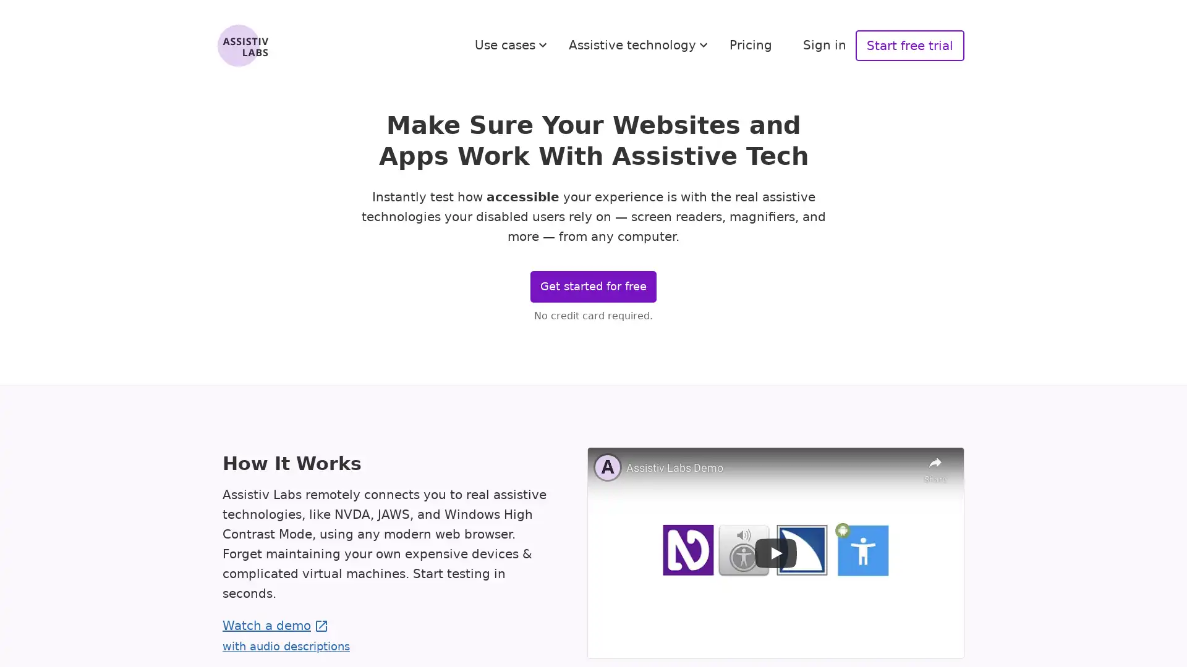 The width and height of the screenshot is (1187, 667). Describe the element at coordinates (513, 44) in the screenshot. I see `Use cases` at that location.